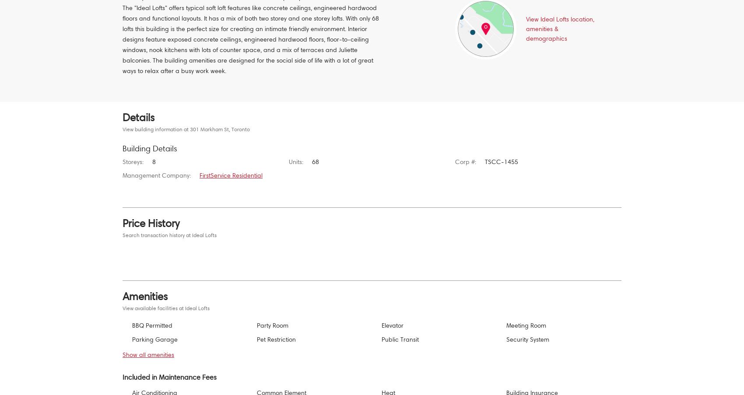 Image resolution: width=744 pixels, height=395 pixels. What do you see at coordinates (533, 18) in the screenshot?
I see `'View'` at bounding box center [533, 18].